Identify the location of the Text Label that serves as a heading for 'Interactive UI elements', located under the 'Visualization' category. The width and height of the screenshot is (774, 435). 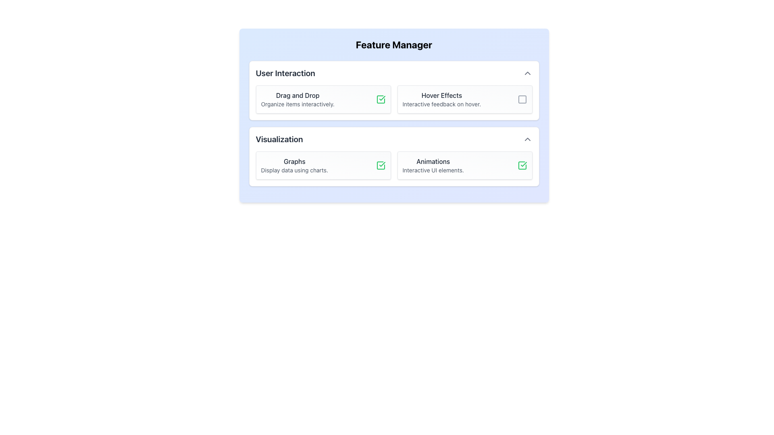
(433, 162).